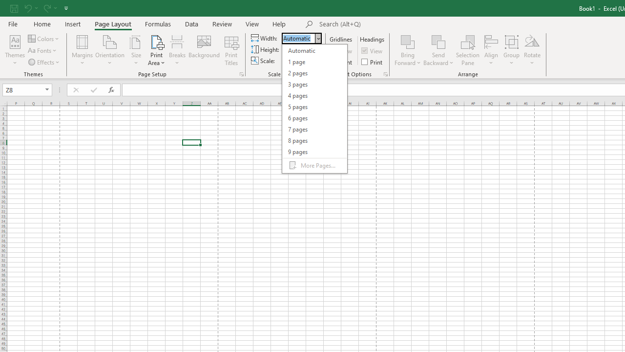 Image resolution: width=625 pixels, height=352 pixels. I want to click on 'Themes', so click(15, 50).